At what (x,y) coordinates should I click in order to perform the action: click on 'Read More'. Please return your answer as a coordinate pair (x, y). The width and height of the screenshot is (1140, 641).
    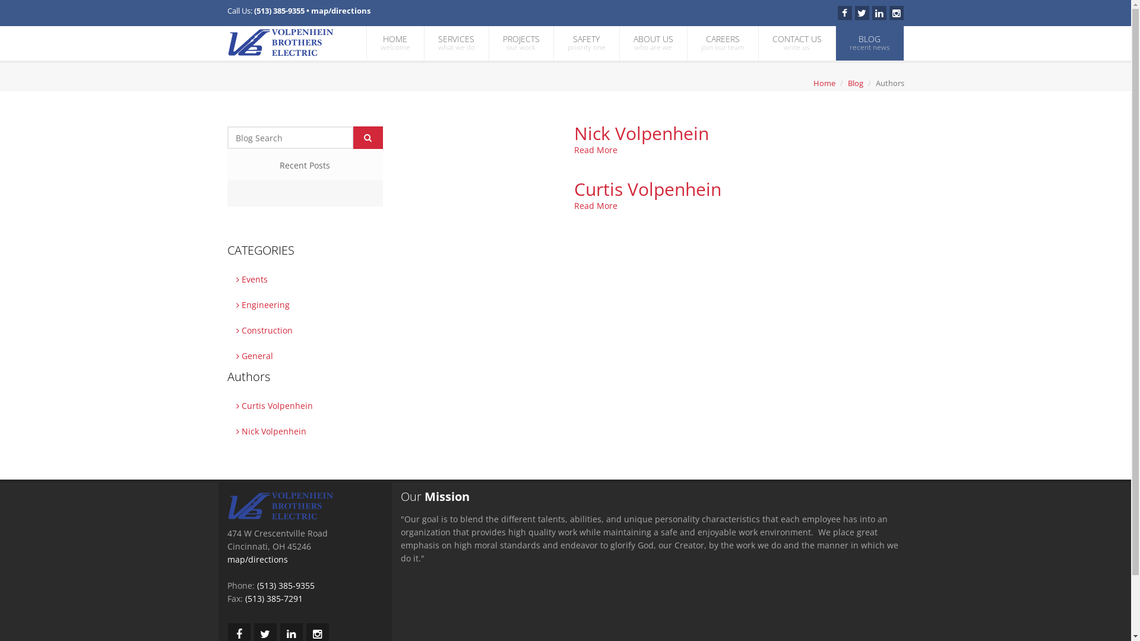
    Looking at the image, I should click on (596, 149).